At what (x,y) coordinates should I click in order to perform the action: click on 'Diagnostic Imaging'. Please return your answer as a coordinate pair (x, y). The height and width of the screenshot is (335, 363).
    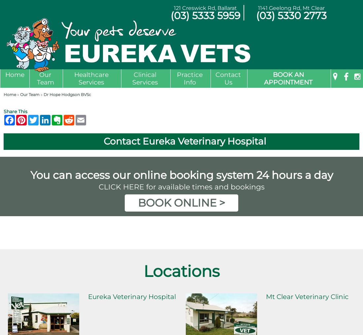
    Looking at the image, I should click on (149, 169).